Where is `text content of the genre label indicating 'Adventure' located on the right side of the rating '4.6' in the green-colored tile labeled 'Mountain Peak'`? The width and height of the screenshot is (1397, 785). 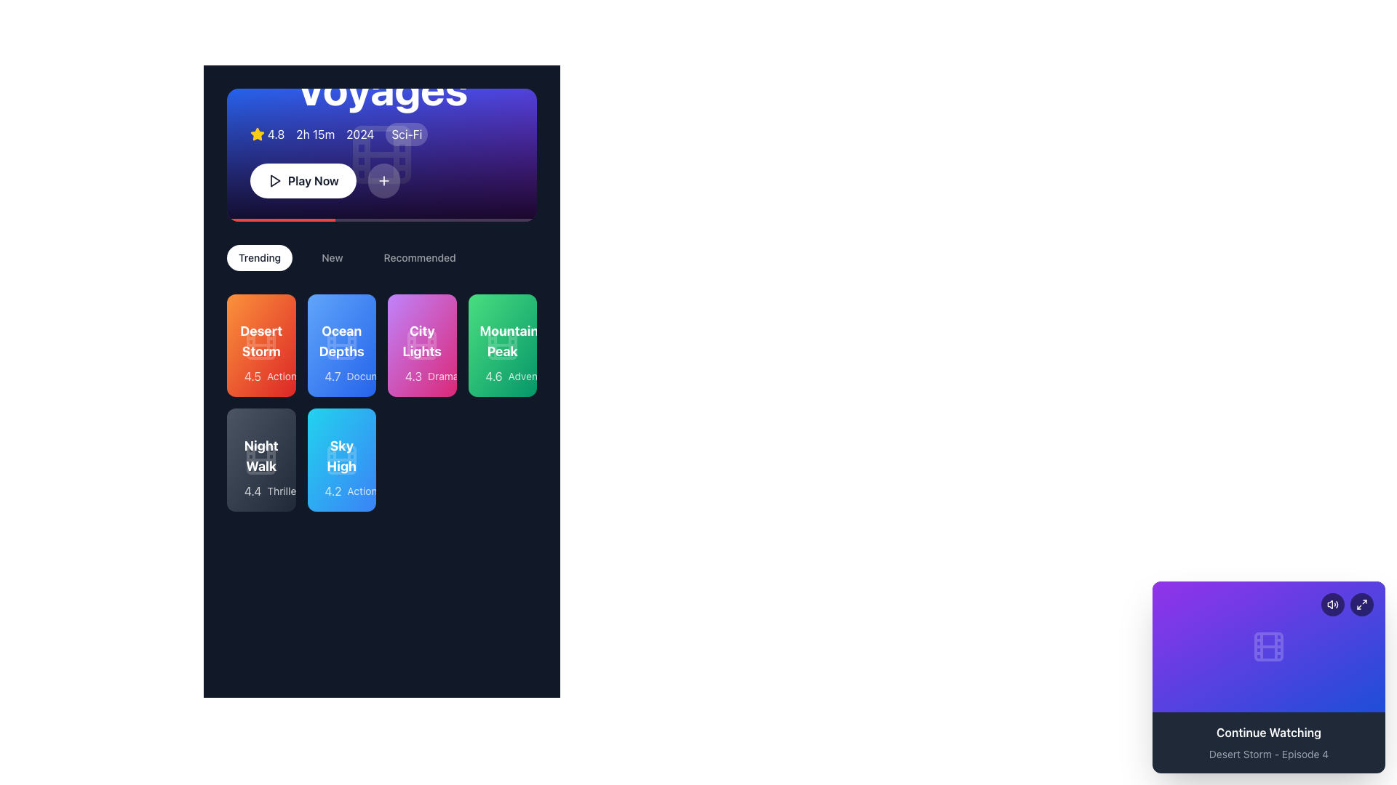 text content of the genre label indicating 'Adventure' located on the right side of the rating '4.6' in the green-colored tile labeled 'Mountain Peak' is located at coordinates (531, 376).